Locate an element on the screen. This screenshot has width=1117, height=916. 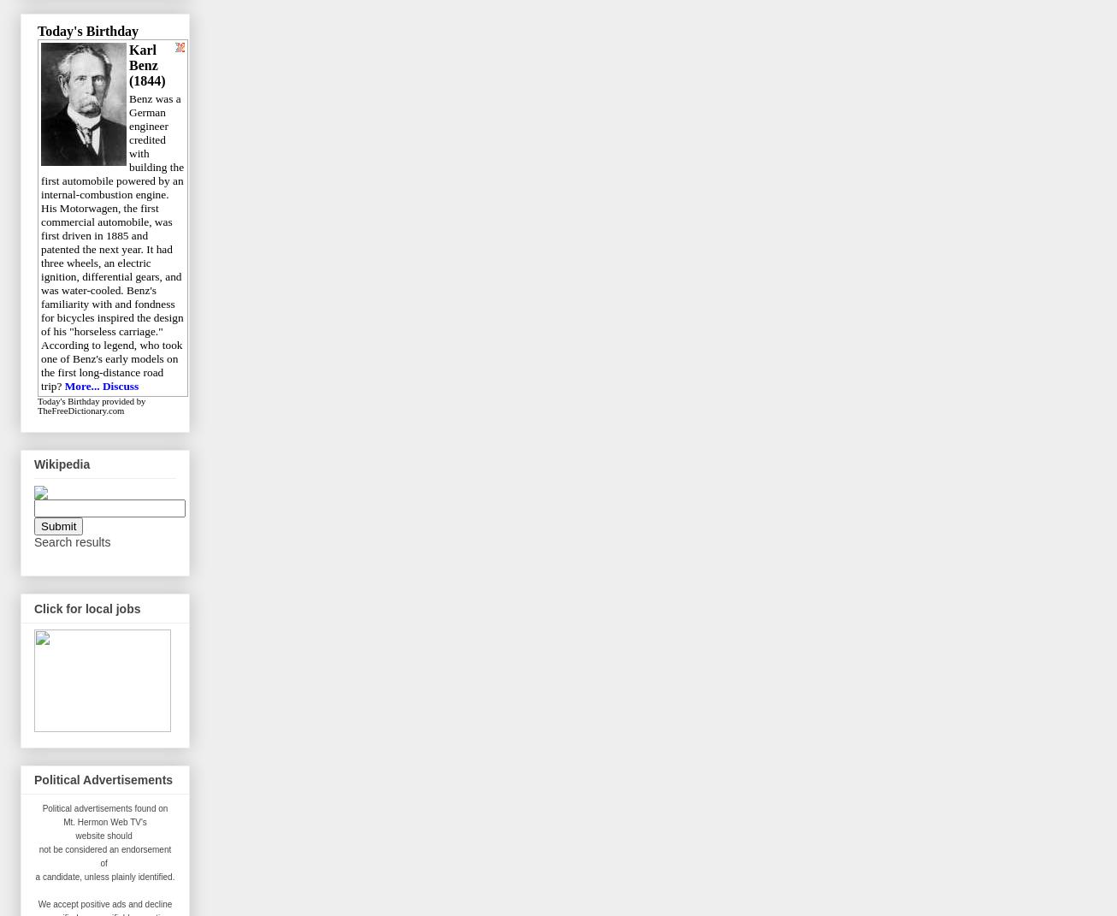
'endorsement
of' is located at coordinates (135, 856).